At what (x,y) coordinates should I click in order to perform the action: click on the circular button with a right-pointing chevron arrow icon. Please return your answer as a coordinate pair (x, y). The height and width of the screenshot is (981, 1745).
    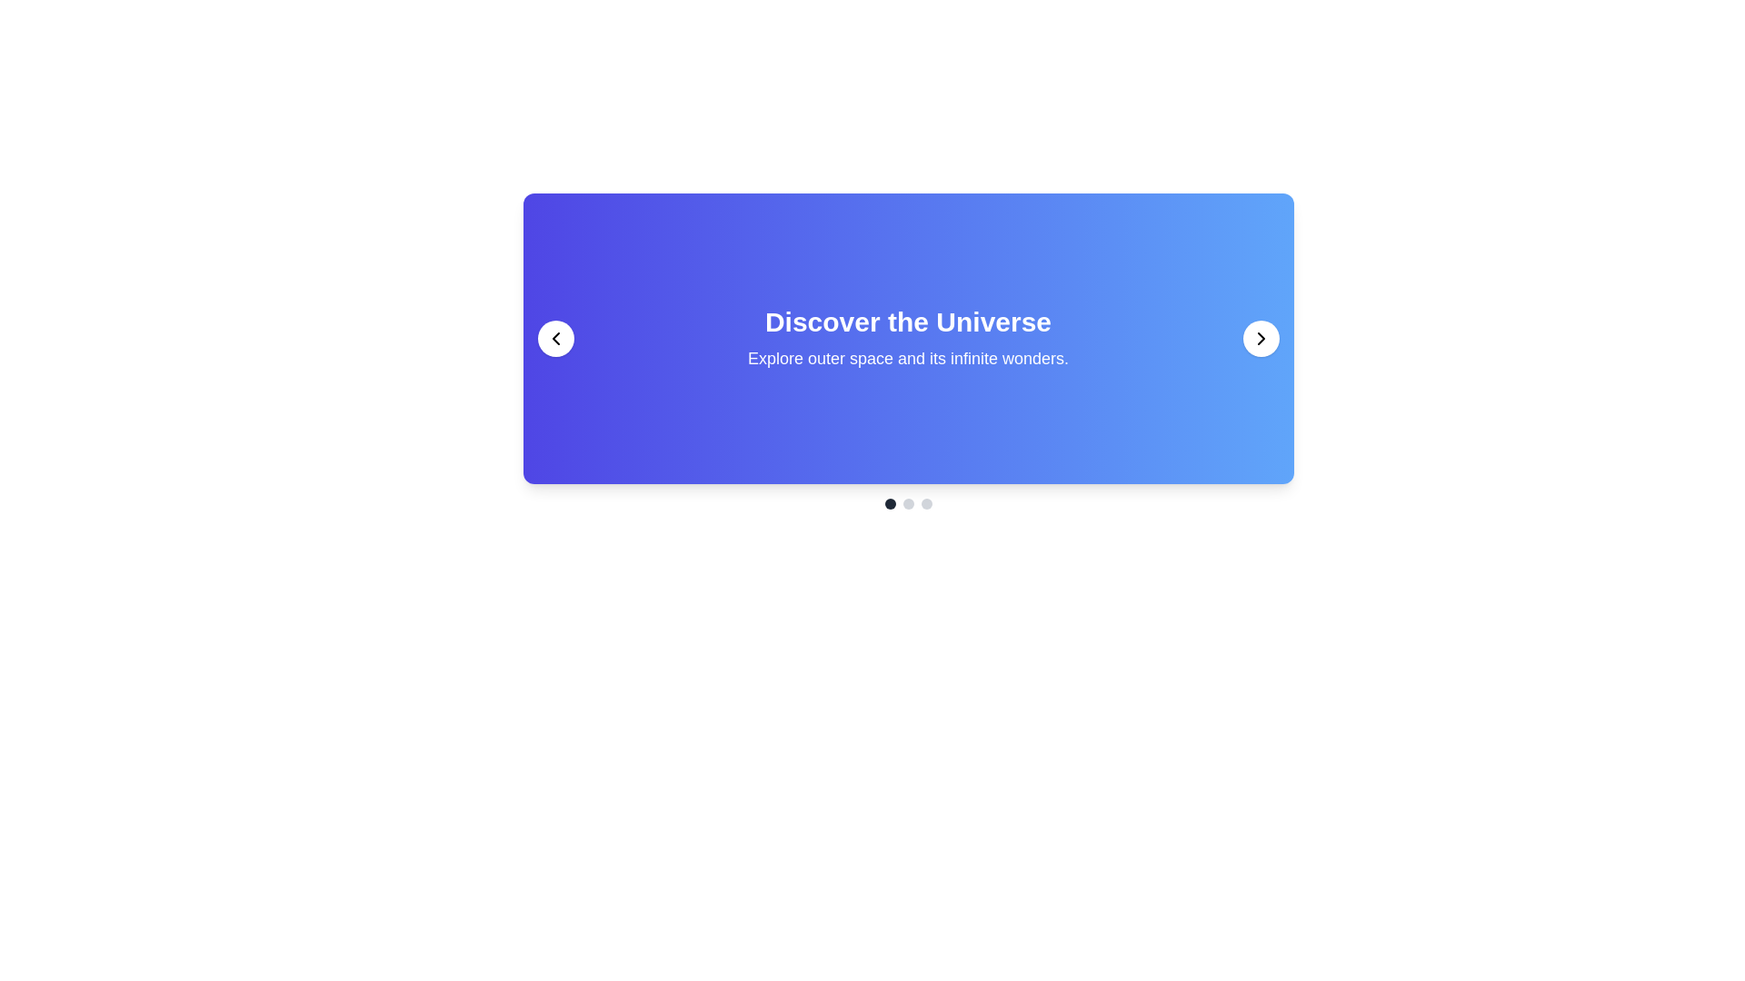
    Looking at the image, I should click on (1260, 339).